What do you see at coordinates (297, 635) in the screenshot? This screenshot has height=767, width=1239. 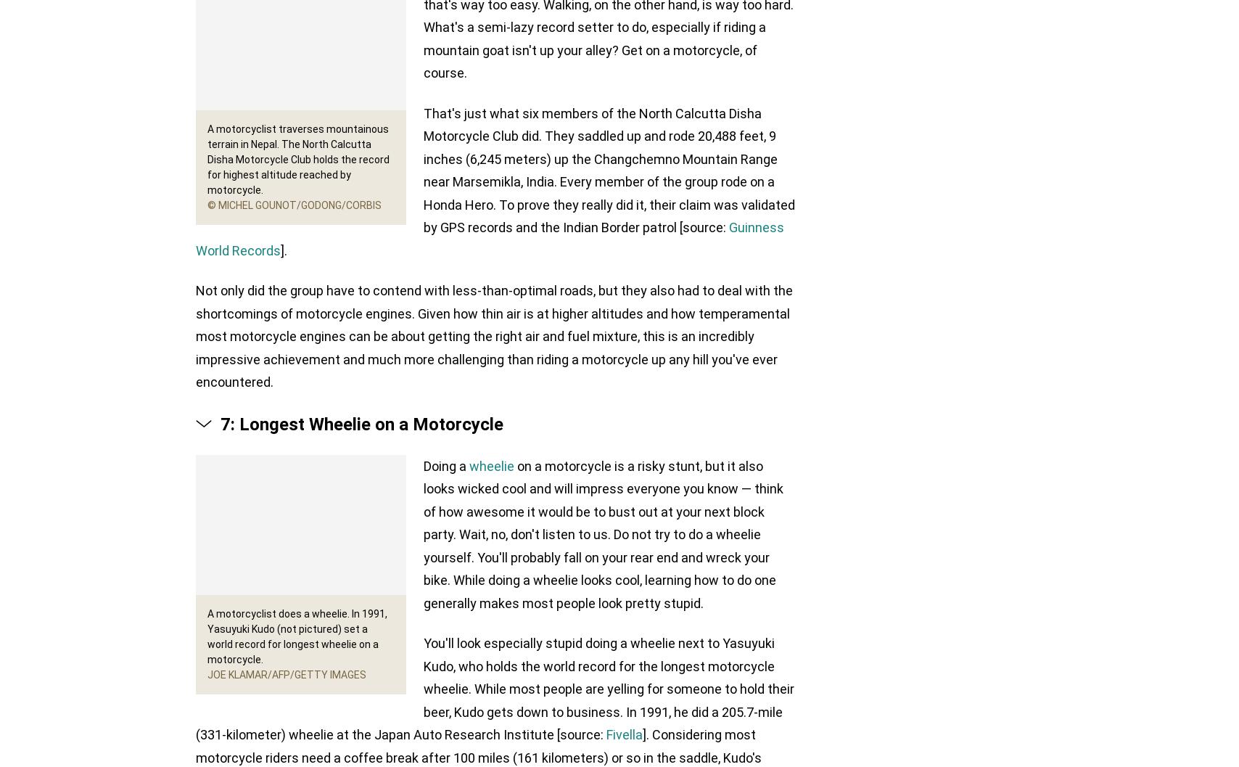 I see `'A motorcyclist does a wheelie. In 1991, Yasuyuki Kudo (not pictured) set a world record for longest wheelie on a motorcycle.'` at bounding box center [297, 635].